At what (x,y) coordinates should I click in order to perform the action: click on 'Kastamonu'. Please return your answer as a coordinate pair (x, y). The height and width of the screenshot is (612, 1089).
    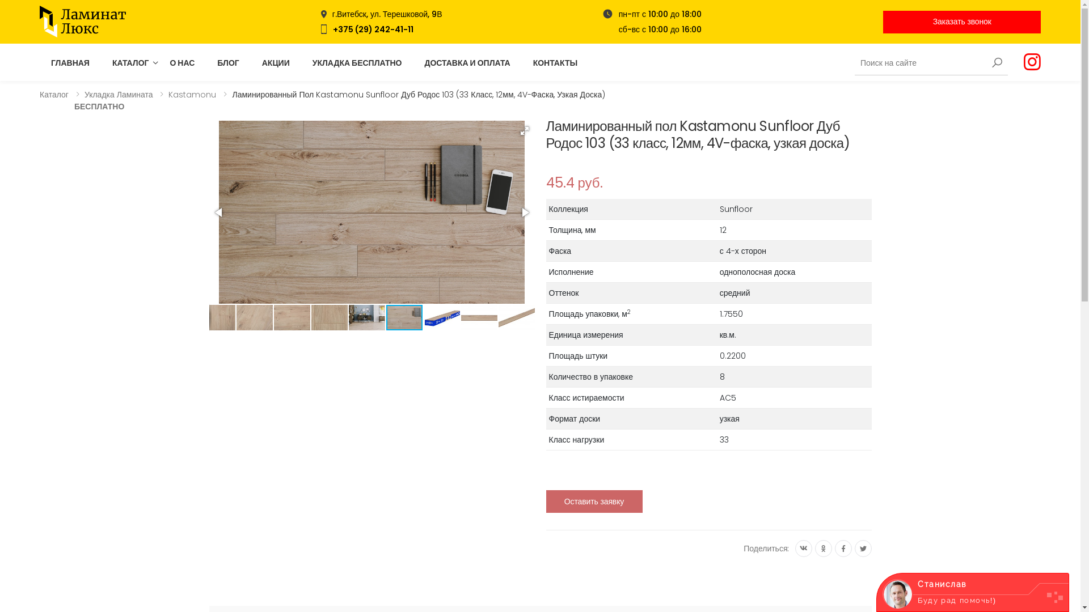
    Looking at the image, I should click on (192, 93).